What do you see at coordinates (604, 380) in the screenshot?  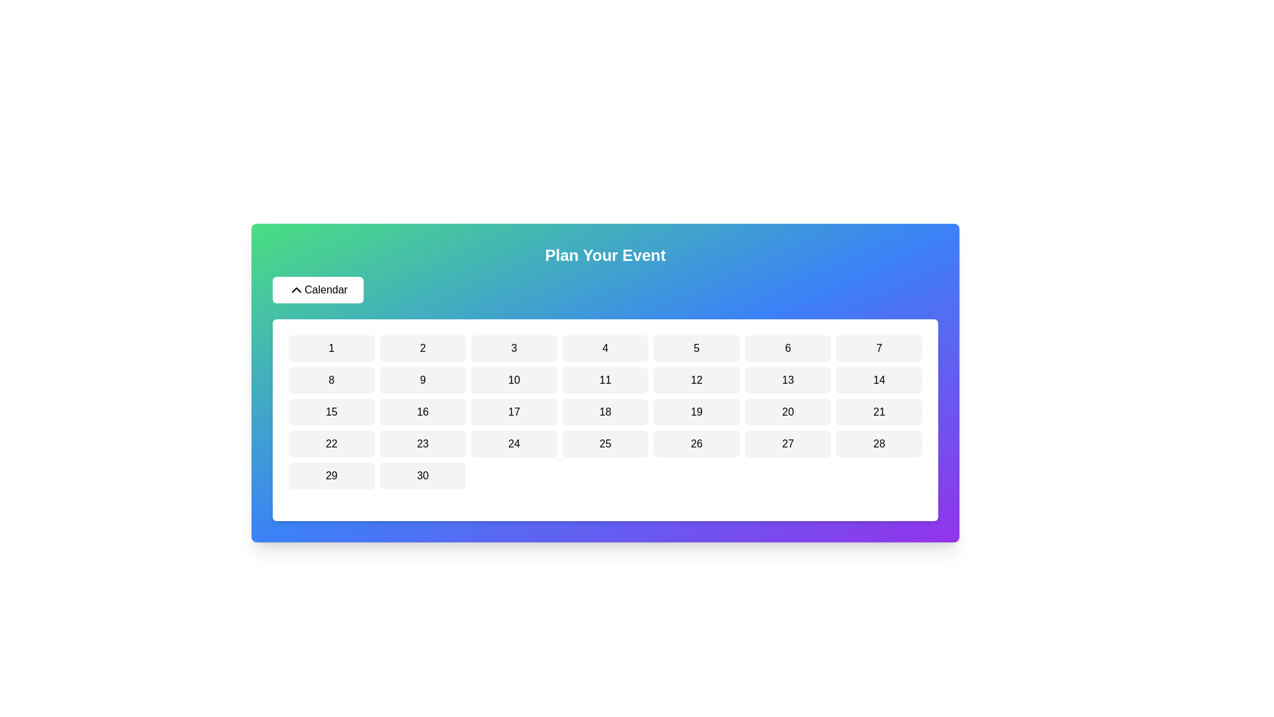 I see `the button displaying the number '11' which has a light gray background and black text to observe its hover effect` at bounding box center [604, 380].